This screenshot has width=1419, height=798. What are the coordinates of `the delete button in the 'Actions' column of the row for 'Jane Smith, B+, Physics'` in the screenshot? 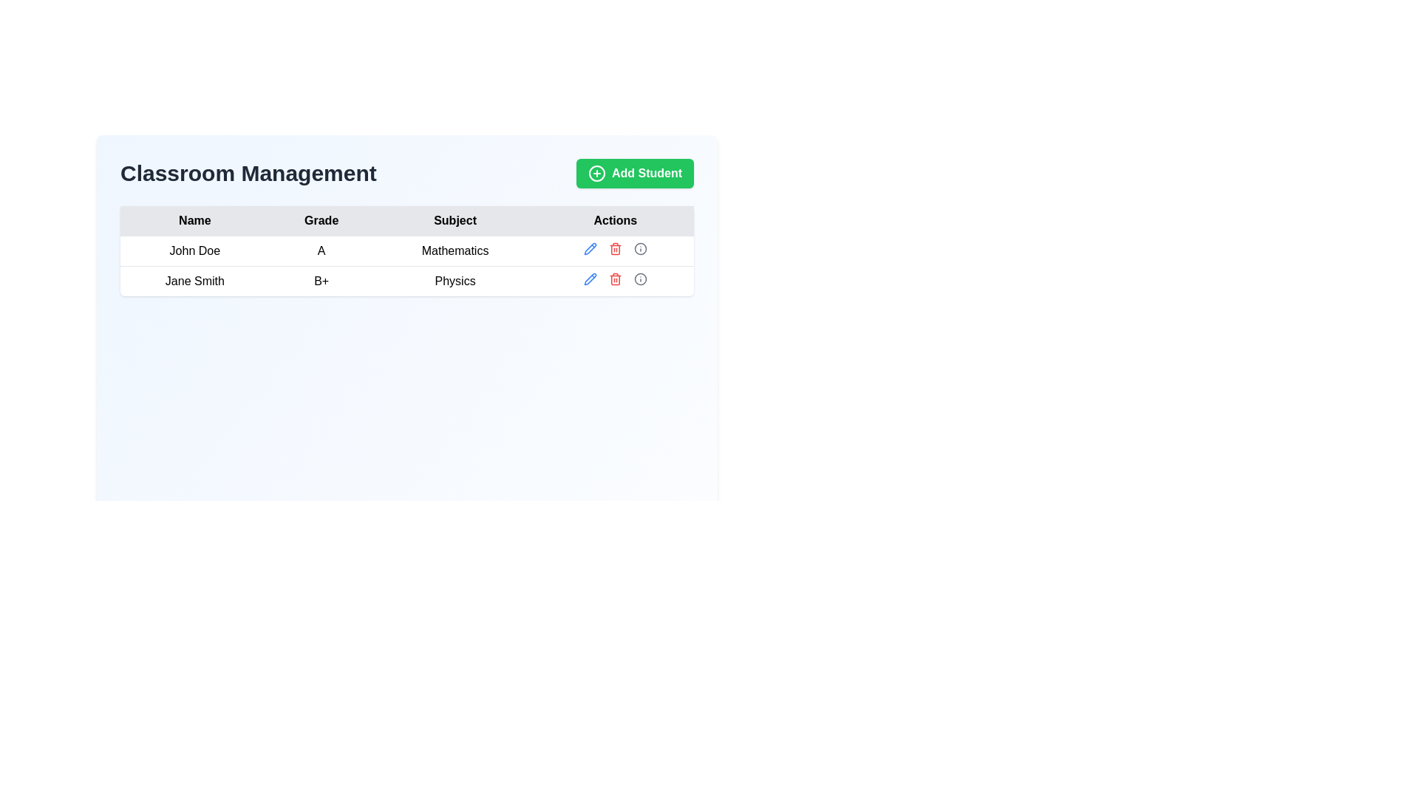 It's located at (615, 279).